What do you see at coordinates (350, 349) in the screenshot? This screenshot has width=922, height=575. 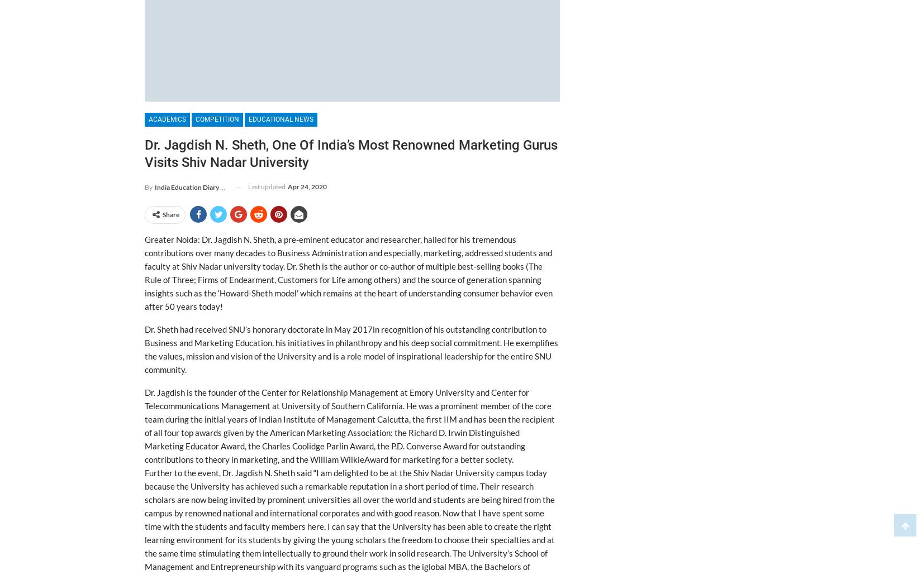 I see `'Dr. Sheth had received SNU’s honorary doctorate in May 2017in recognition of his outstanding contribution to Business and Marketing Education, his initiatives in philanthropy and his deep social commitment. He exemplifies the values, mission and vision of the University and is a role model of inspirational leadership for the entire SNU community.'` at bounding box center [350, 349].